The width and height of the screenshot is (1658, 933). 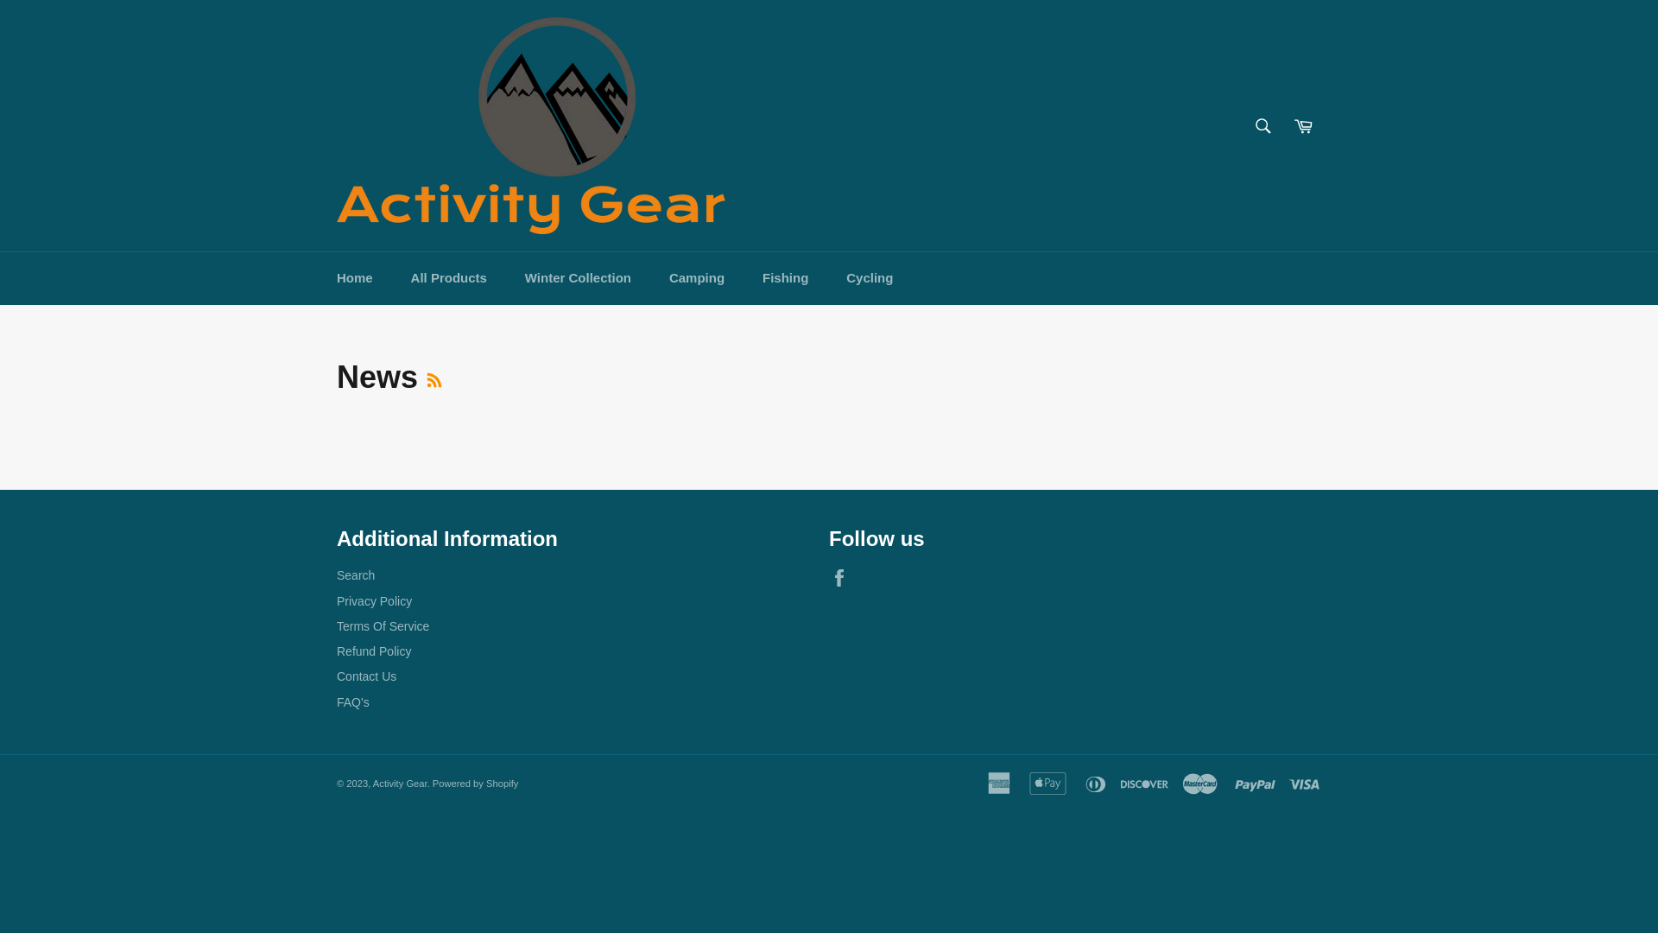 I want to click on 'All Products', so click(x=448, y=277).